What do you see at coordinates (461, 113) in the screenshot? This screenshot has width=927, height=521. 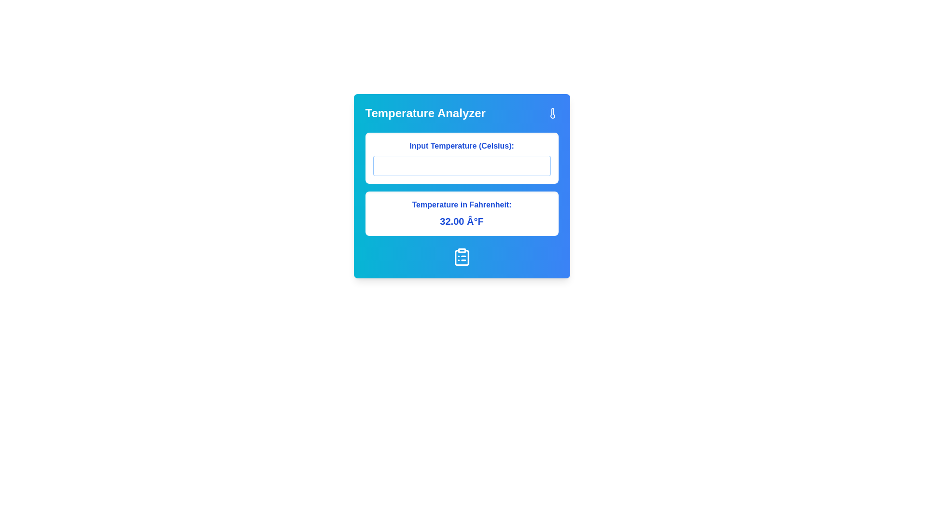 I see `the 'Temperature Analyzer' header text located at the top of the card section, which features a thermometer icon on the right and a gradient background from cyan to blue` at bounding box center [461, 113].